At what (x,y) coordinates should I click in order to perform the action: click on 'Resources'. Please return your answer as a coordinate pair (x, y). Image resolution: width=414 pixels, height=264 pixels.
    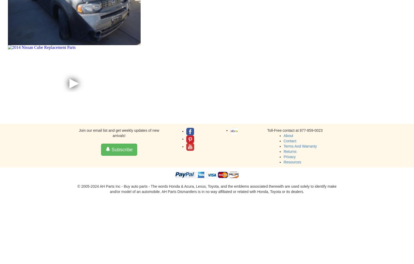
    Looking at the image, I should click on (292, 162).